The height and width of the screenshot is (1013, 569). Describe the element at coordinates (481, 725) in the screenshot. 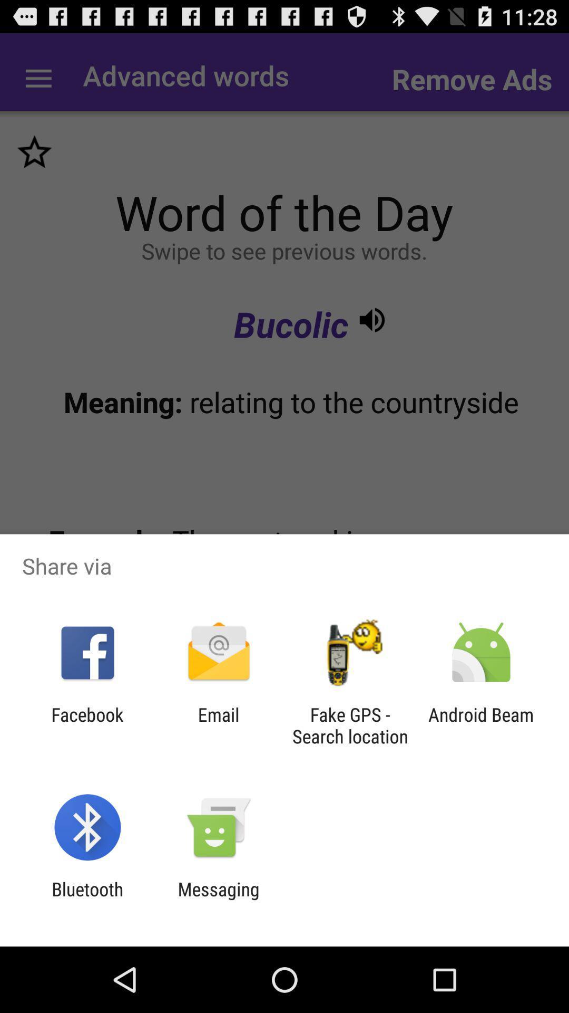

I see `item at the bottom right corner` at that location.